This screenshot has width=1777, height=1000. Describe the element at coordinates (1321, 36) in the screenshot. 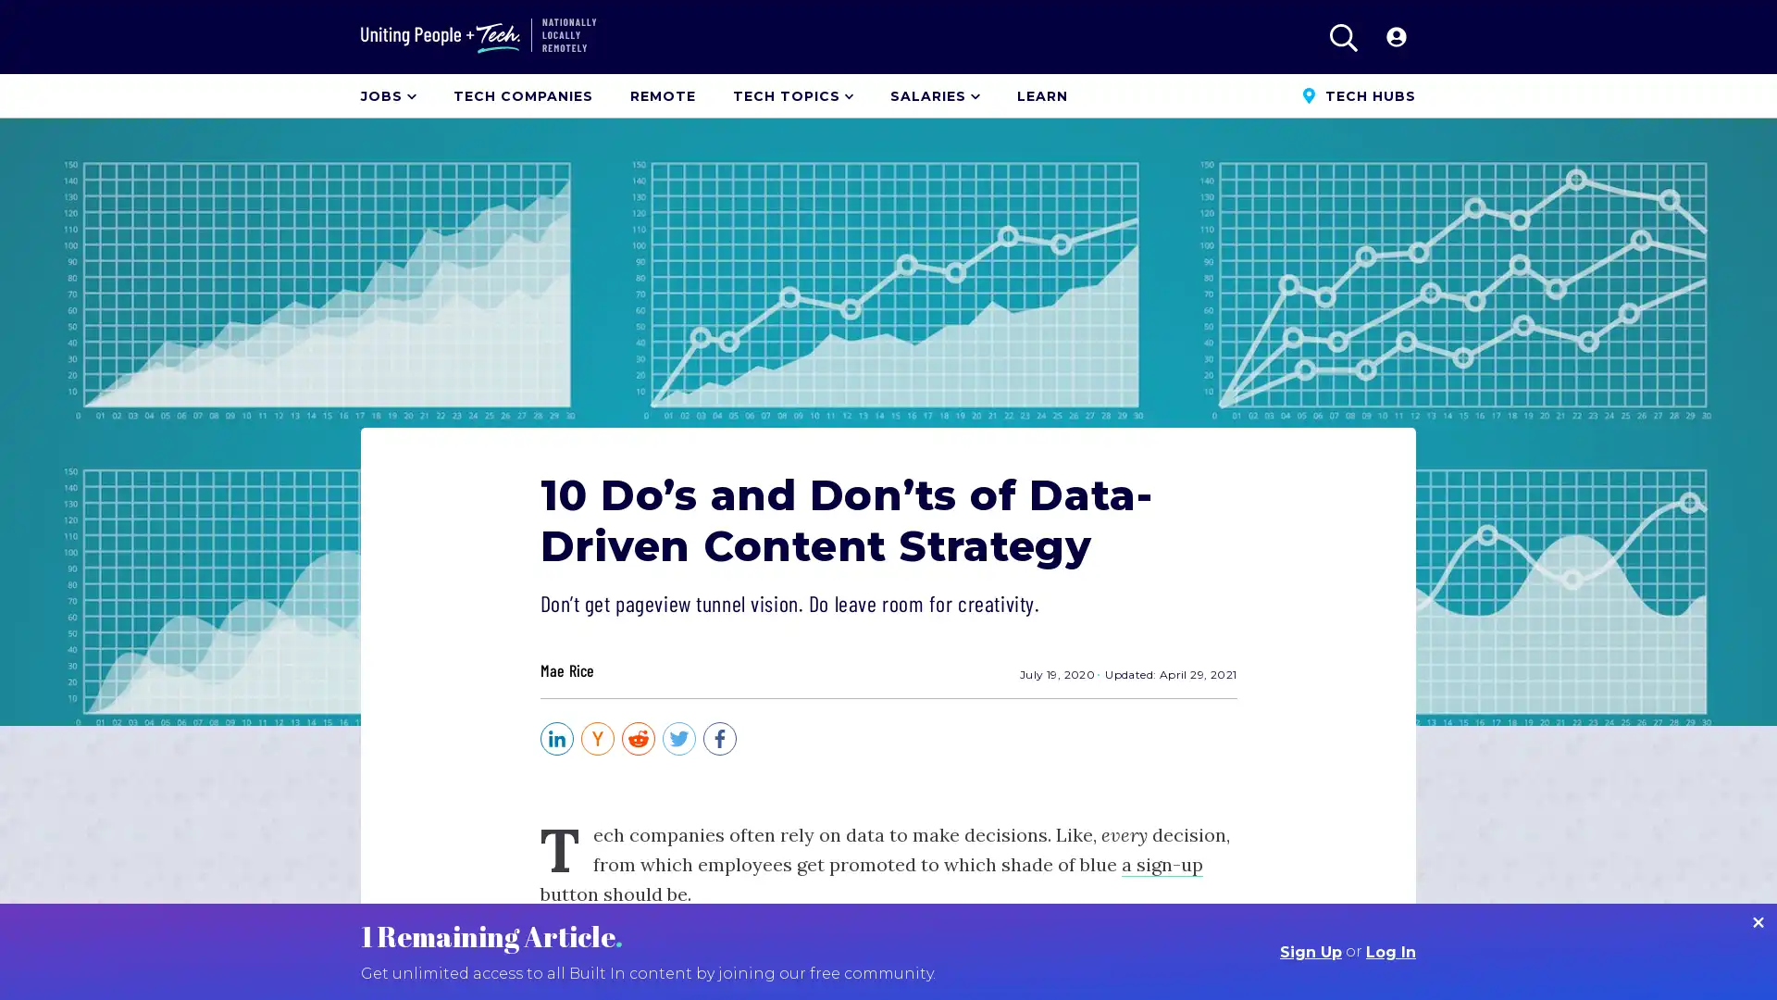

I see `JOIN` at that location.